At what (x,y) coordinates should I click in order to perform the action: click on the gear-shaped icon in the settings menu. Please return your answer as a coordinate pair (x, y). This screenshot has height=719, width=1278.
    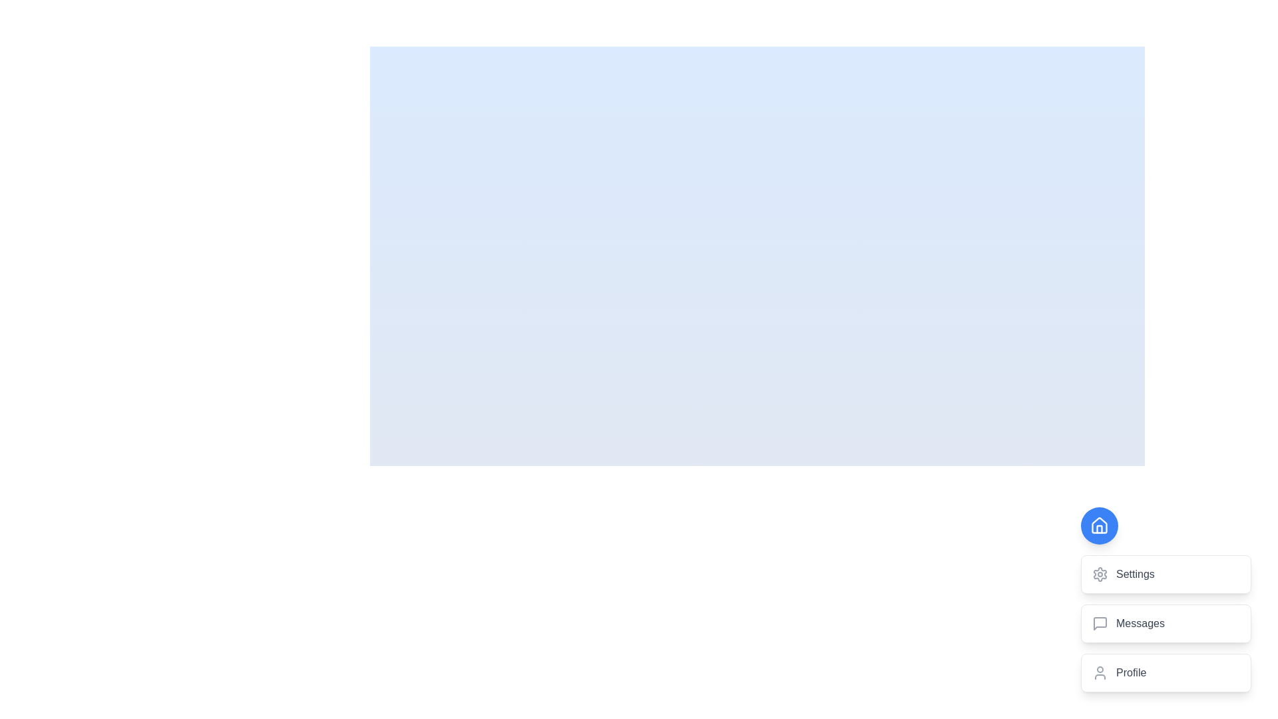
    Looking at the image, I should click on (1100, 574).